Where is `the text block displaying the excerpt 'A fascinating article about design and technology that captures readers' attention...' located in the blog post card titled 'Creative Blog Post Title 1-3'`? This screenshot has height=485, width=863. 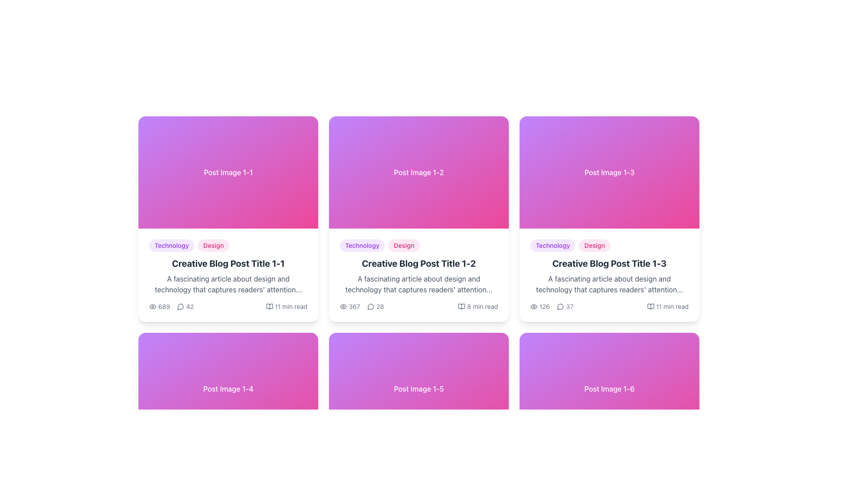 the text block displaying the excerpt 'A fascinating article about design and technology that captures readers' attention...' located in the blog post card titled 'Creative Blog Post Title 1-3' is located at coordinates (609, 284).